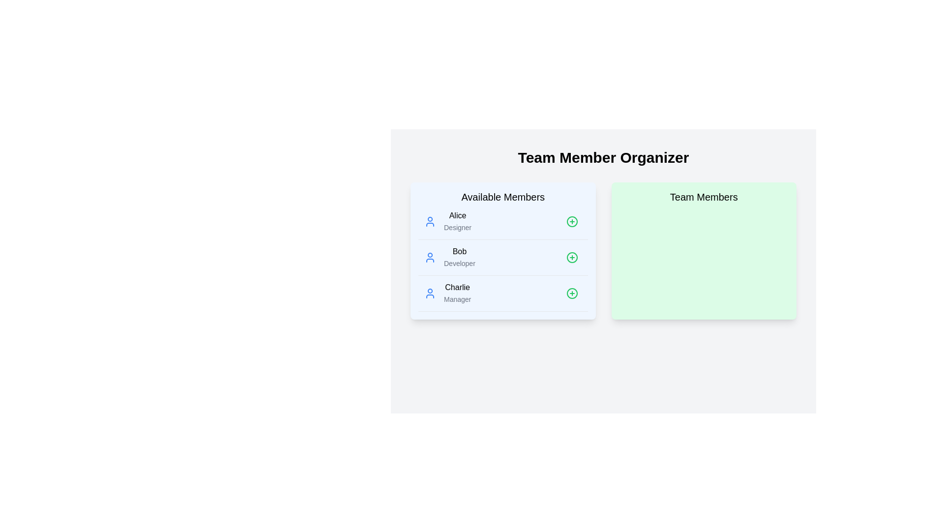  Describe the element at coordinates (572, 293) in the screenshot. I see `the green circular Icon button with a plus symbol located next to the name 'Charlie' in the 'Available Members' box` at that location.